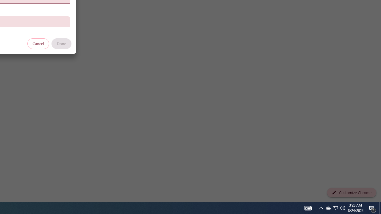  Describe the element at coordinates (38, 43) in the screenshot. I see `'Cancel'` at that location.